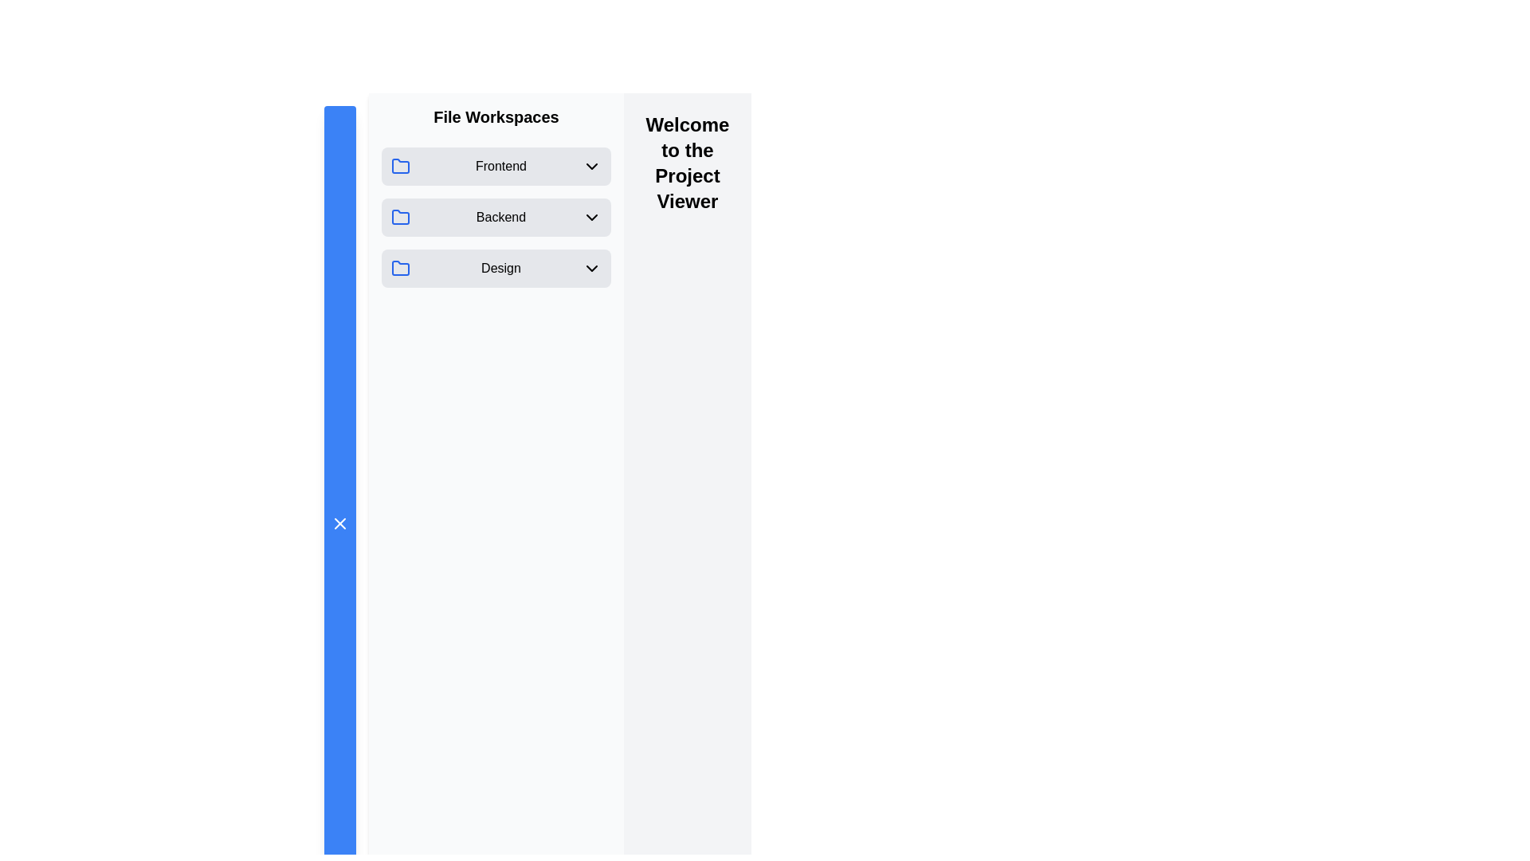 This screenshot has height=861, width=1530. What do you see at coordinates (591, 166) in the screenshot?
I see `the downward-pointing chevron icon within the 'Frontend' section` at bounding box center [591, 166].